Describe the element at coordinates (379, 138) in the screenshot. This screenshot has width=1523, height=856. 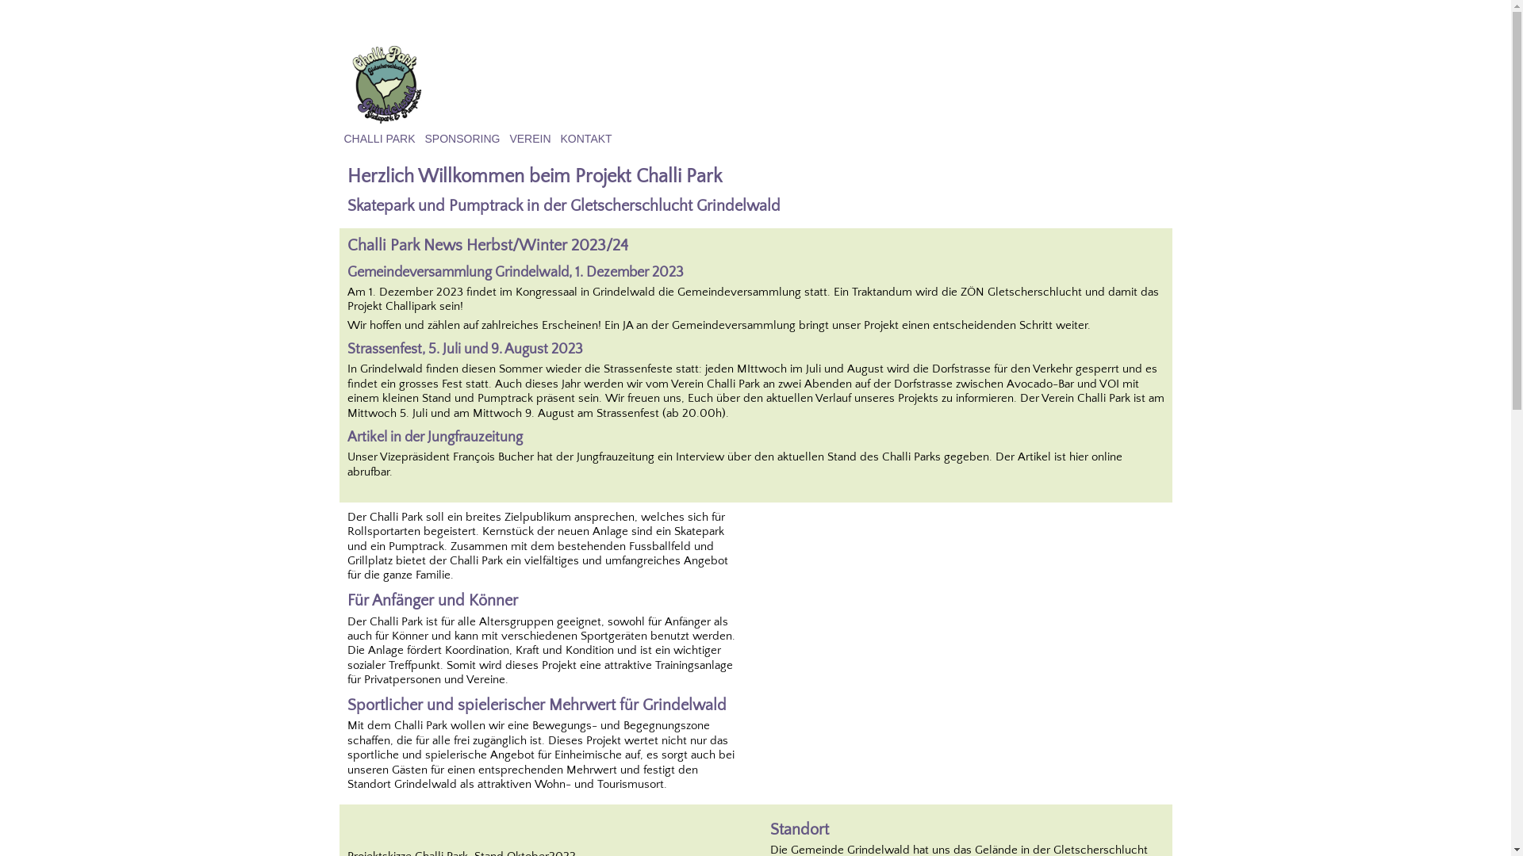
I see `'CHALLI PARK'` at that location.